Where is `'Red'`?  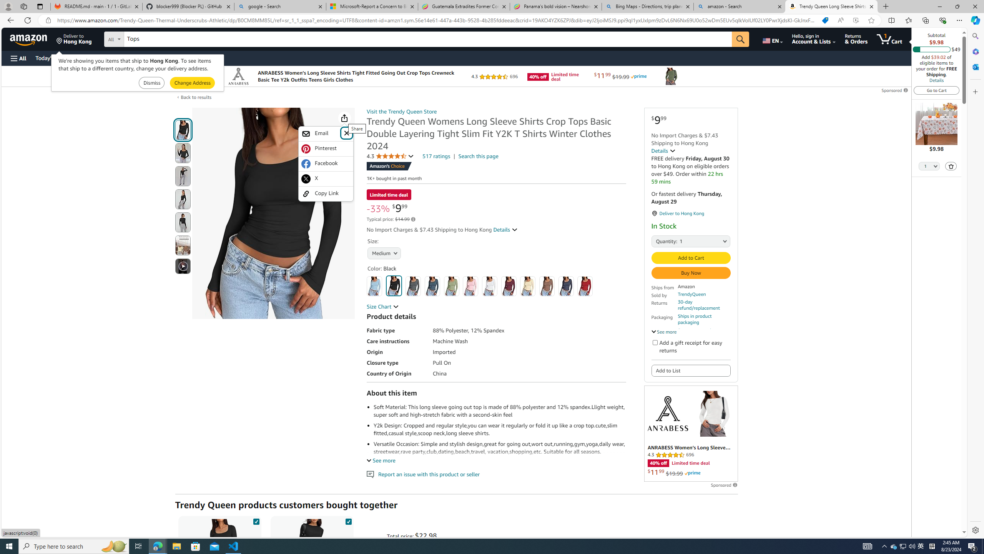
'Red' is located at coordinates (584, 285).